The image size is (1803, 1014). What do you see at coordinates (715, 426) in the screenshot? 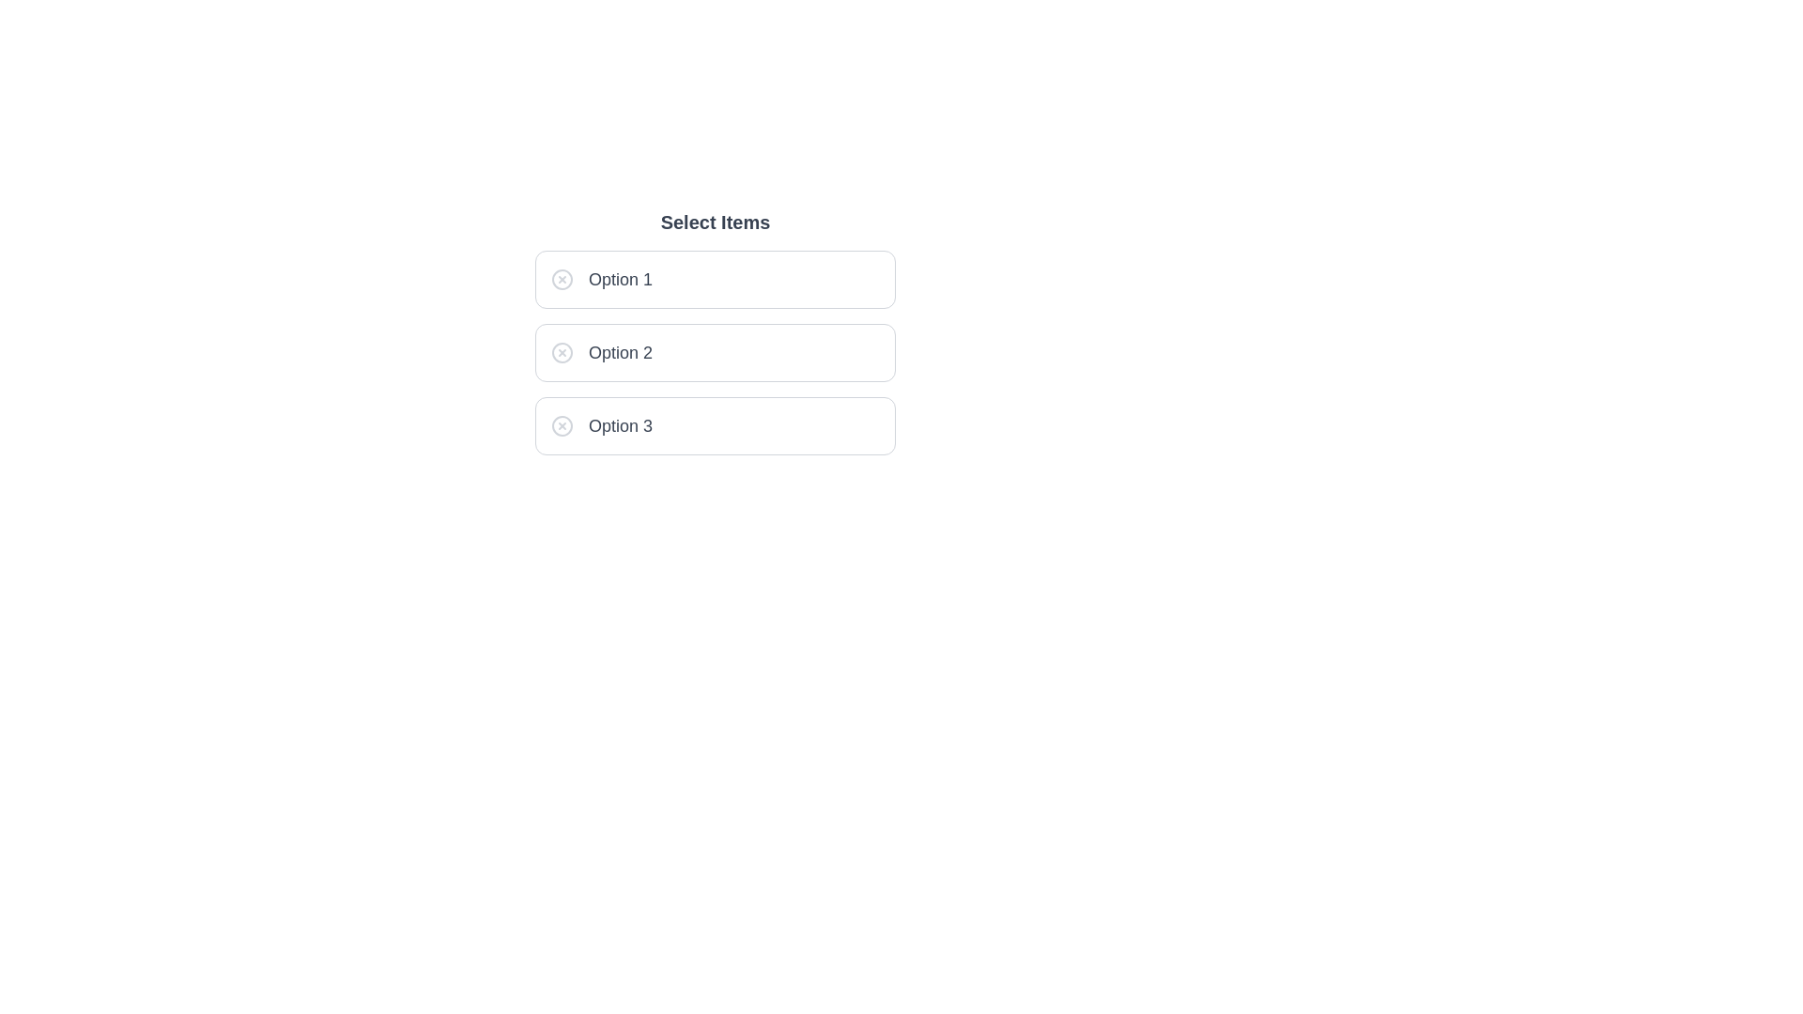
I see `the third button in the vertical list of options` at bounding box center [715, 426].